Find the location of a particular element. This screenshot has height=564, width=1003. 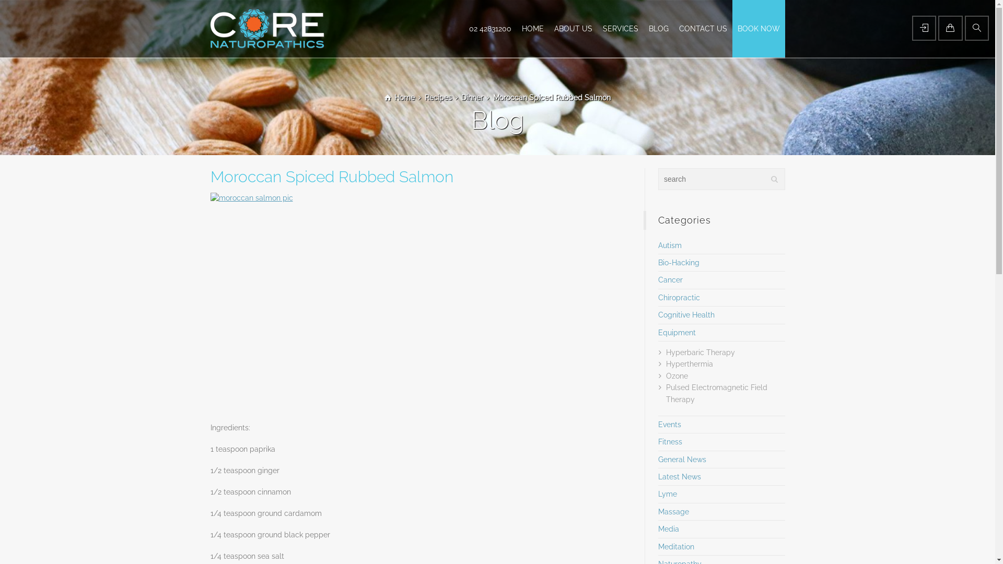

'Latest News' is located at coordinates (679, 477).